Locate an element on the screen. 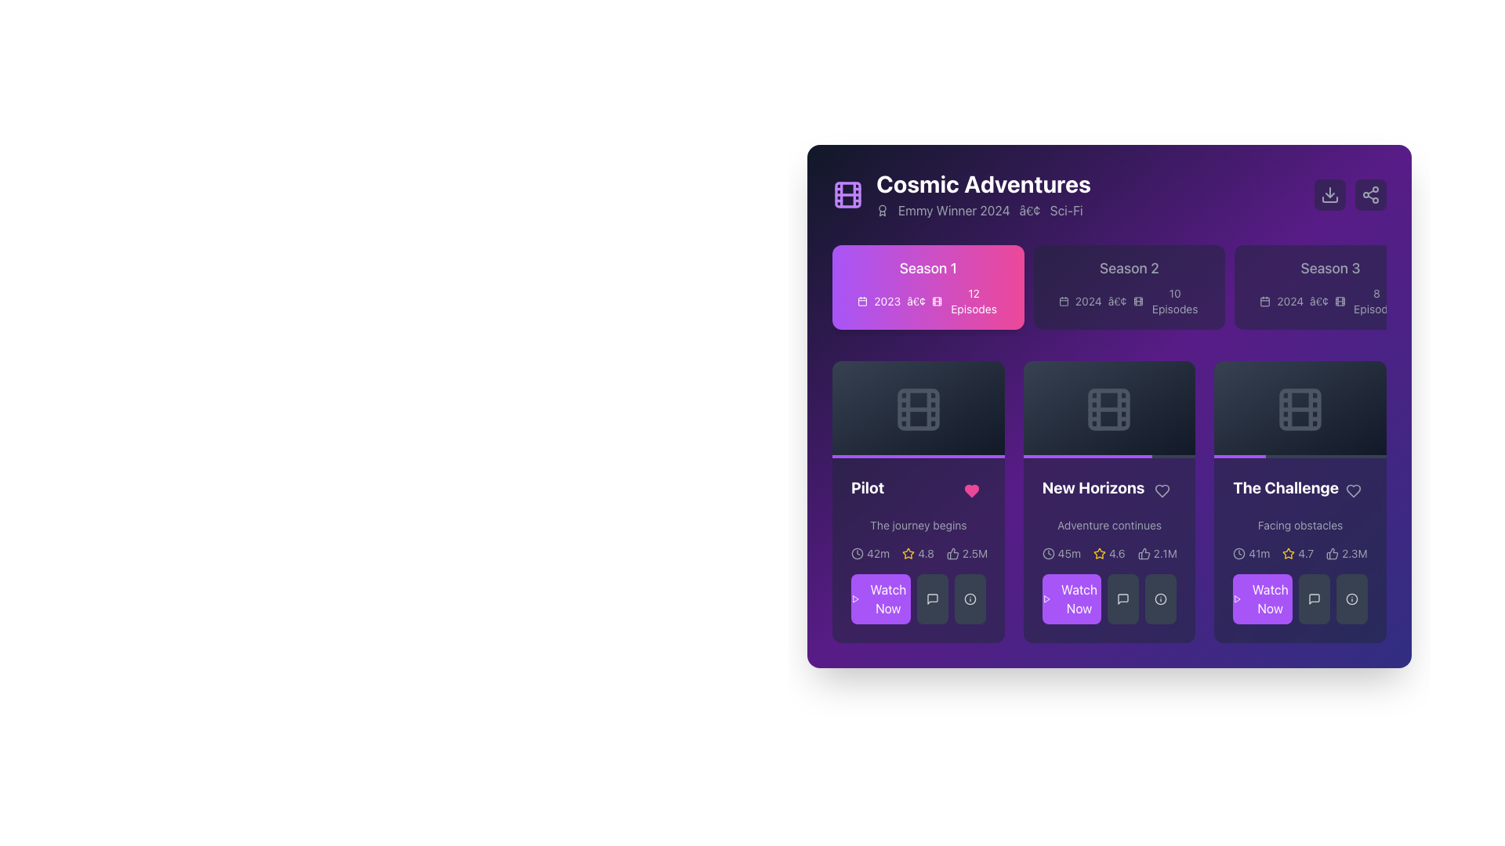 The width and height of the screenshot is (1505, 846). the central circular graphical component within the information symbol icon located in the bottom right section of the interface, associated with the episode 'The Challenge' is located at coordinates (1351, 598).